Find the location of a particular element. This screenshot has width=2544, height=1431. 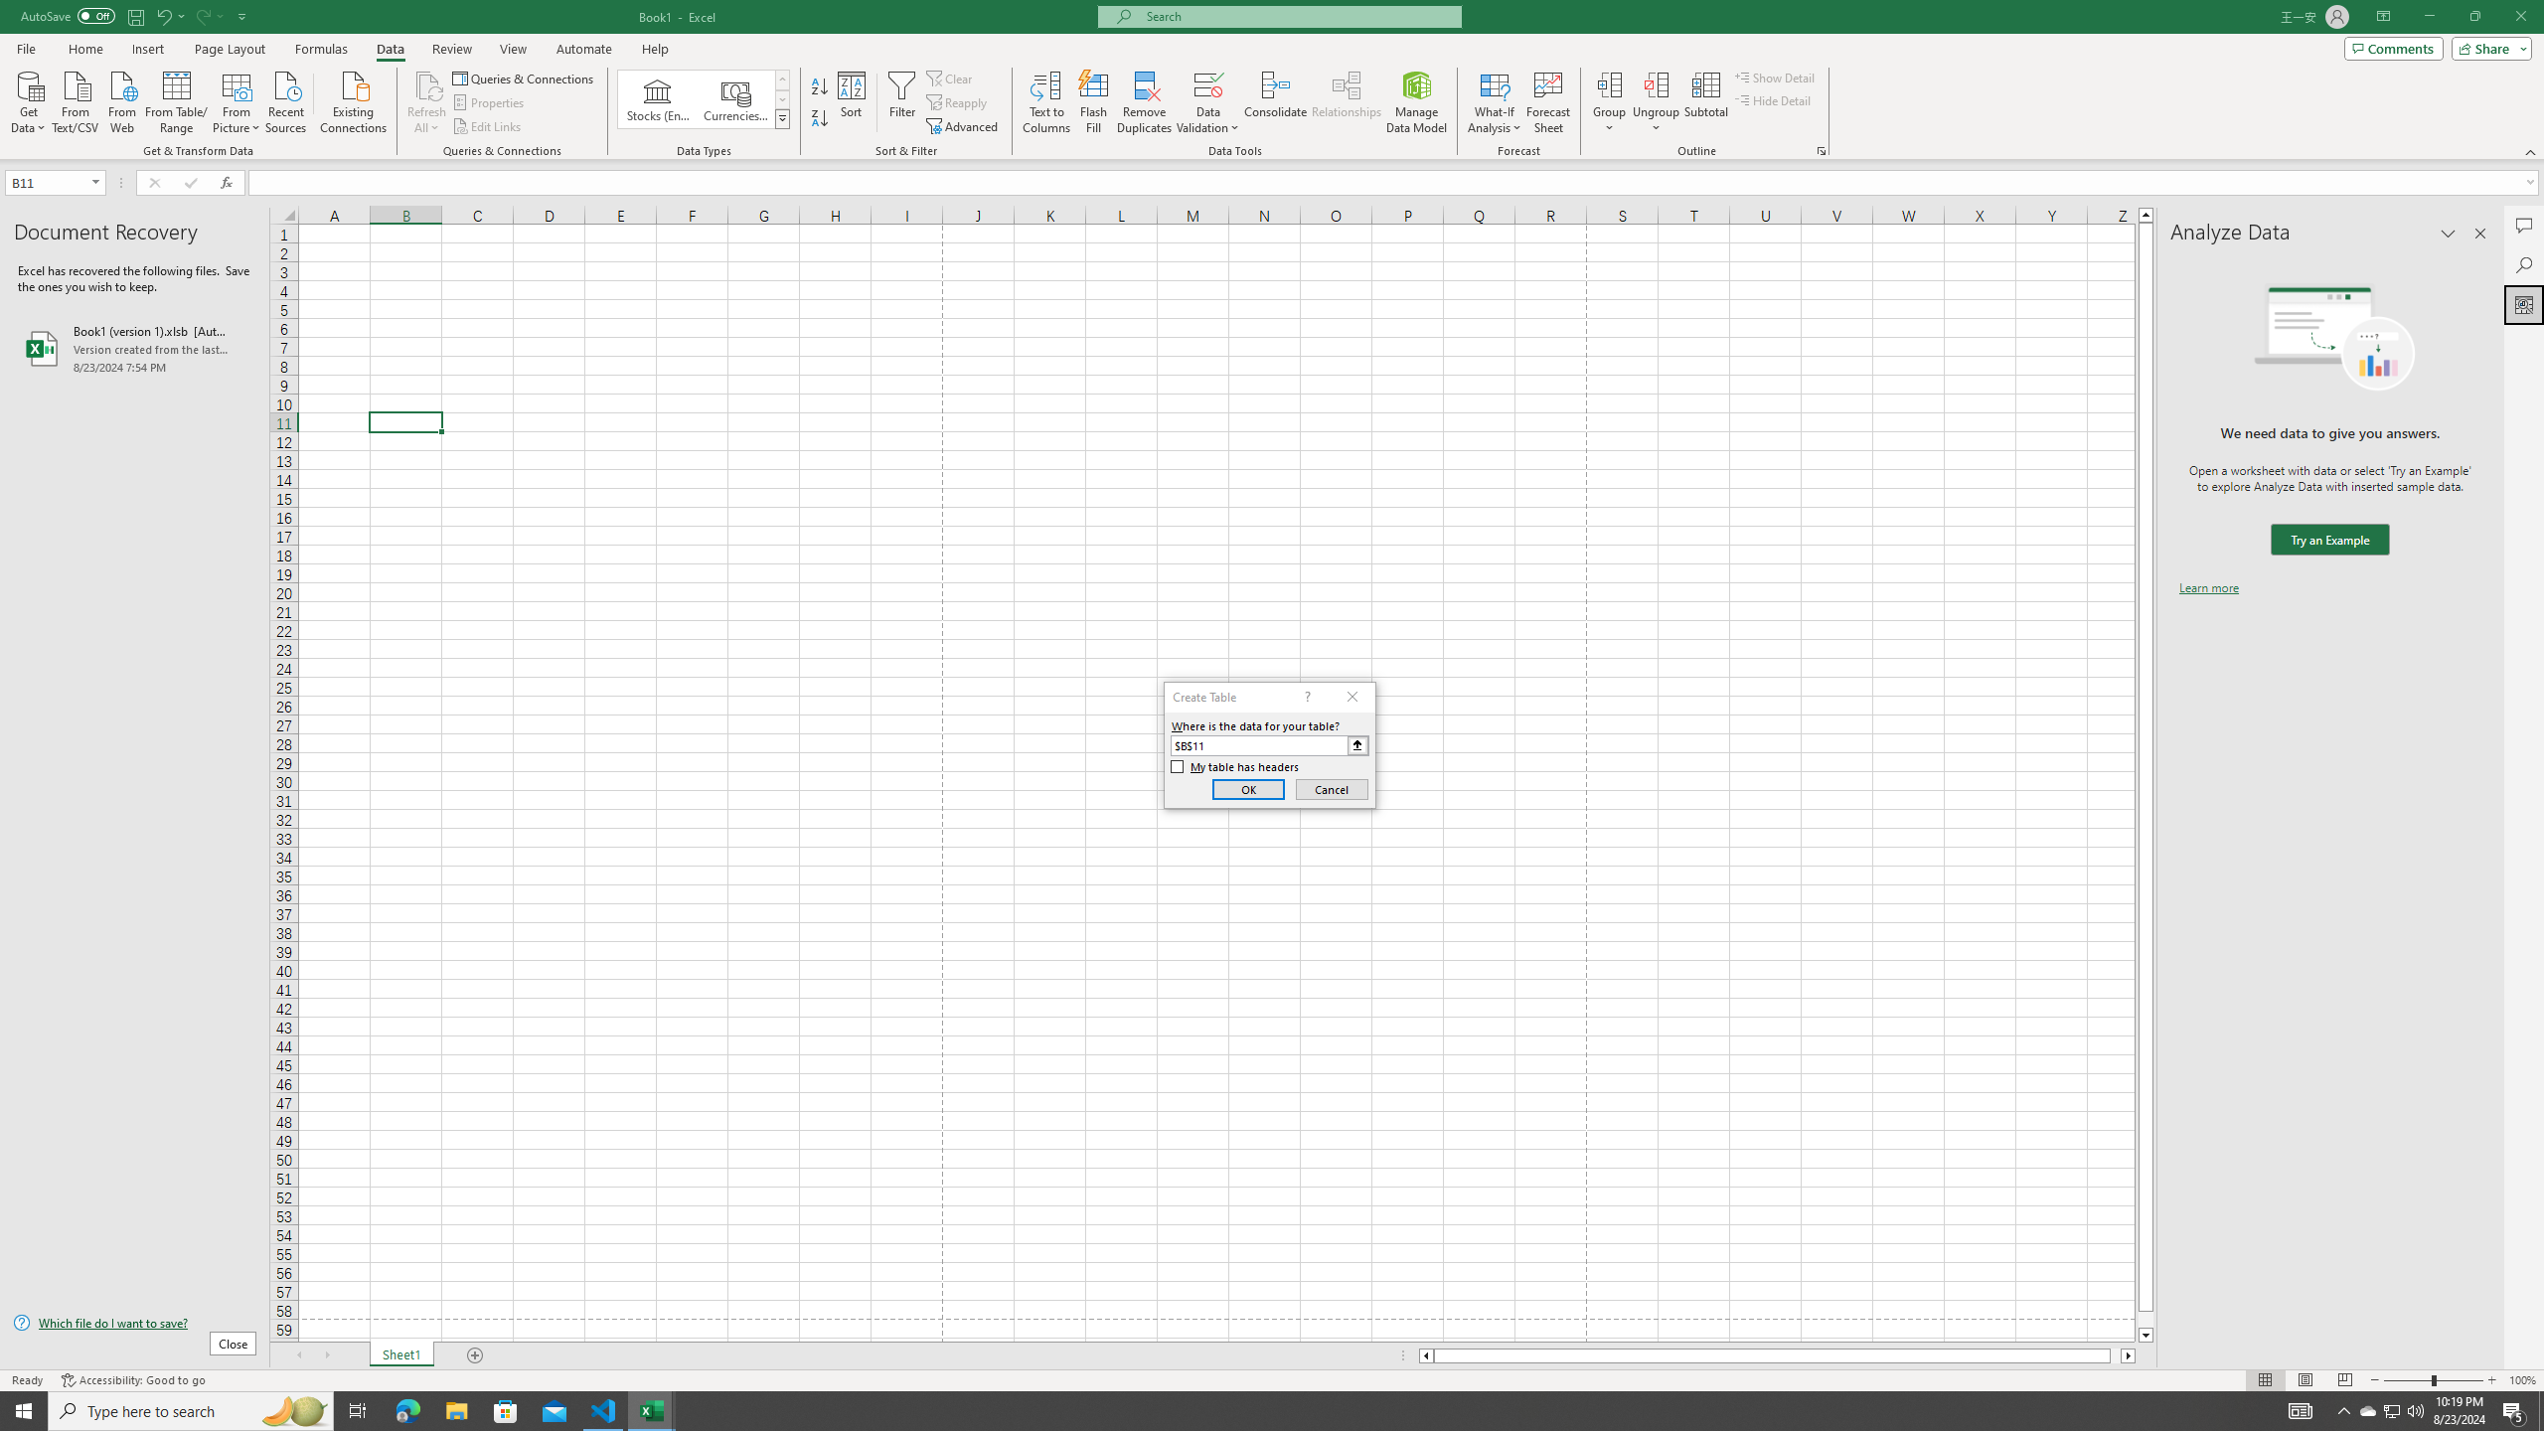

'Analyze Data' is located at coordinates (2523, 304).